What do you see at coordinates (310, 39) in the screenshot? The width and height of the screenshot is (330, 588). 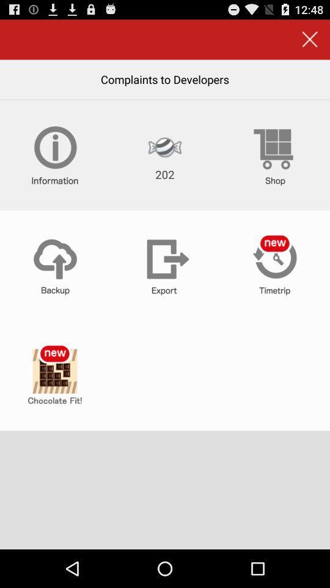 I see `exit app` at bounding box center [310, 39].